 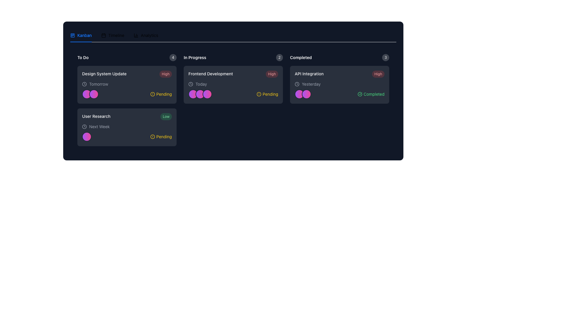 I want to click on the second navigation tab labeled 'Timeline', so click(x=113, y=35).